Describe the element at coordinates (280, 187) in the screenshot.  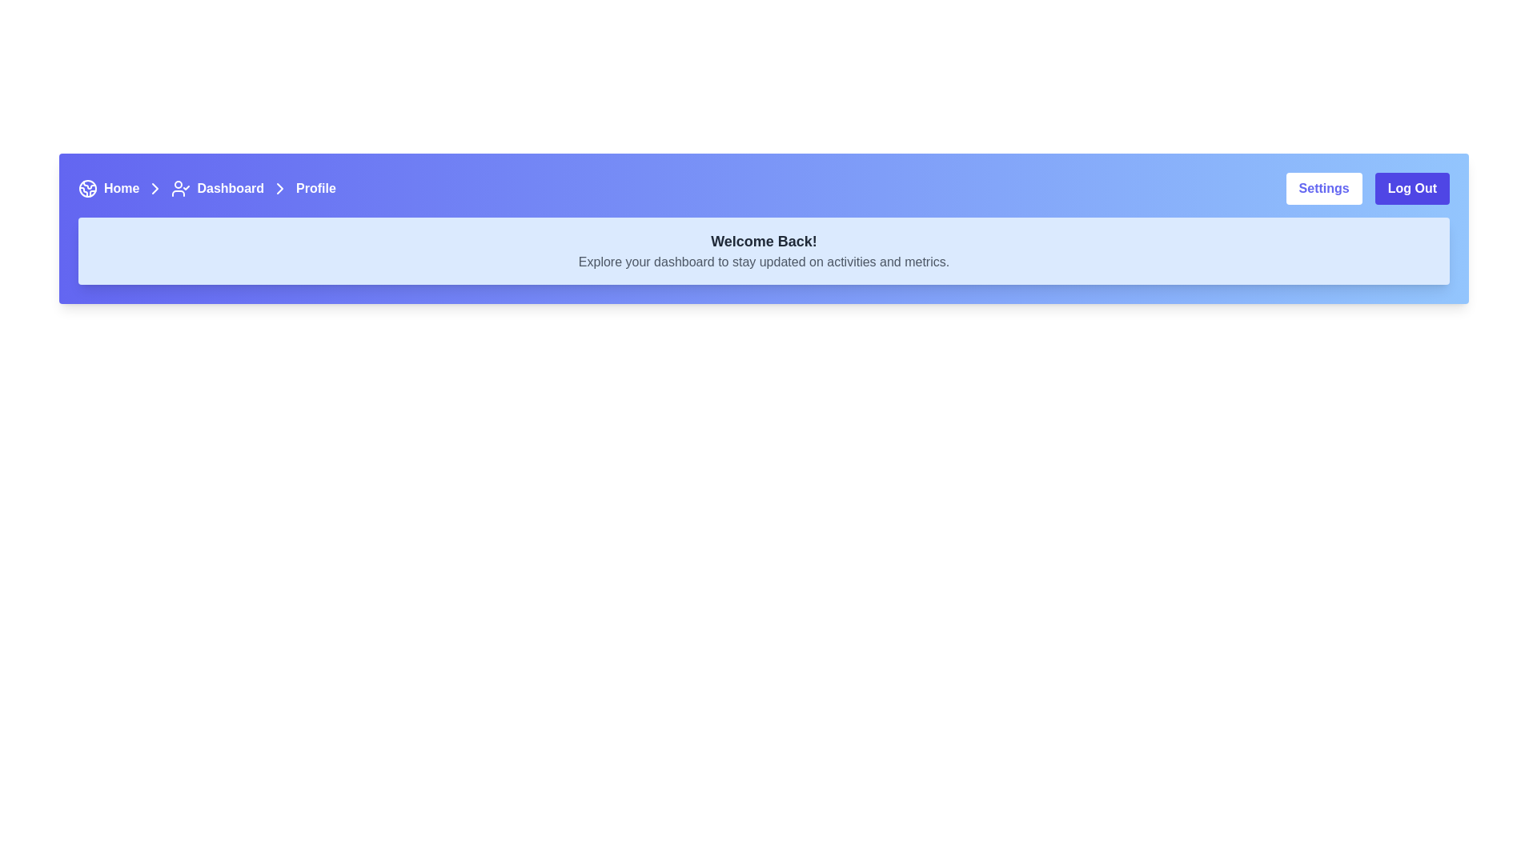
I see `the rightward chevron arrow icon in the breadcrumb navigation bar, located between the 'Dashboard' and 'Profile' labels` at that location.